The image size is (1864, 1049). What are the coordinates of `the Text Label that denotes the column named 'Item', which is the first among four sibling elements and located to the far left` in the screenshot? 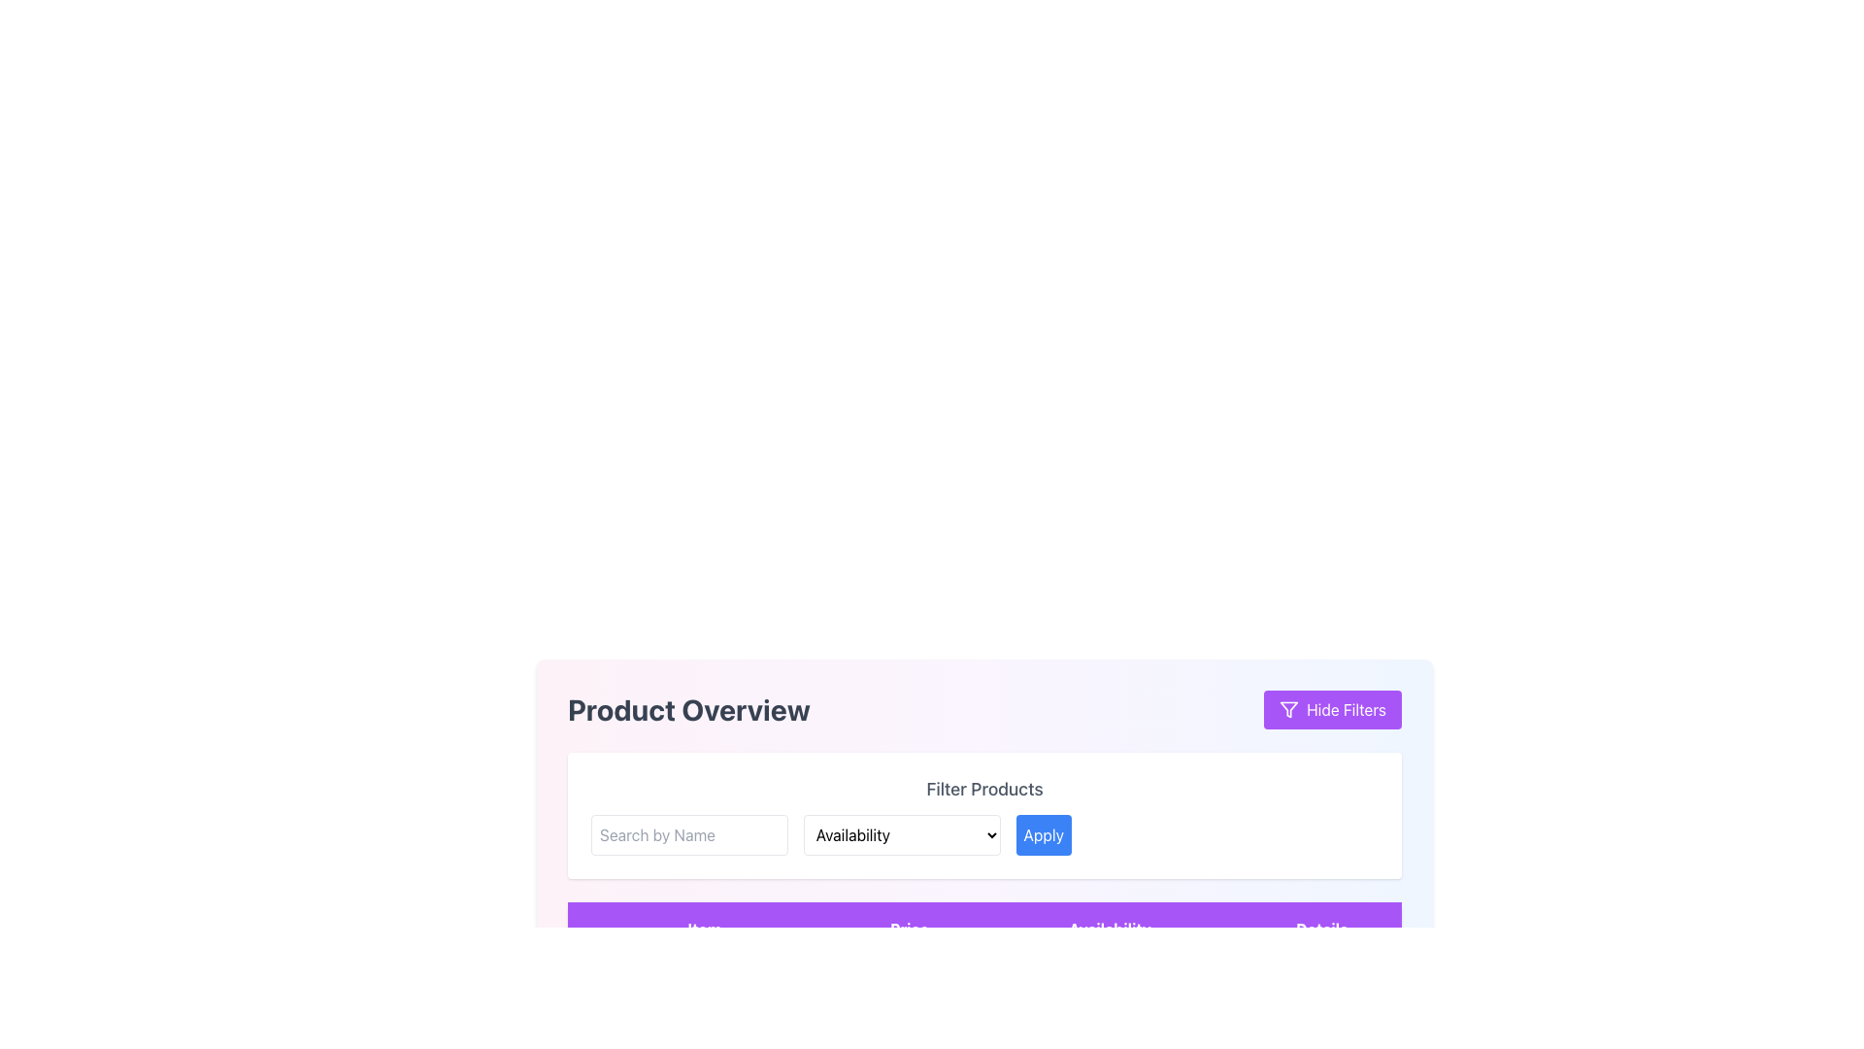 It's located at (703, 928).